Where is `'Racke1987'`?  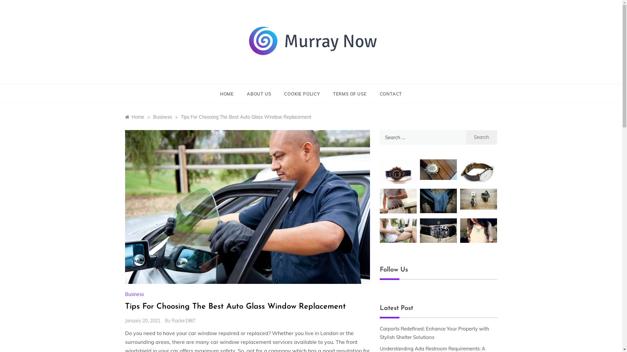 'Racke1987' is located at coordinates (183, 320).